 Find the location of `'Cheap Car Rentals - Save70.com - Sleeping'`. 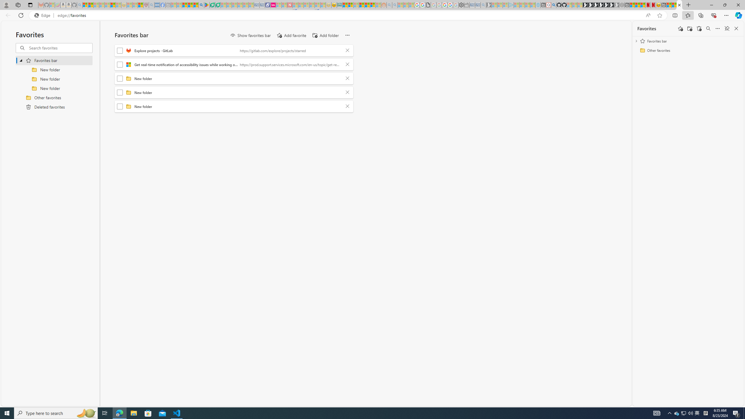

'Cheap Car Rentals - Save70.com - Sleeping' is located at coordinates (477, 5).